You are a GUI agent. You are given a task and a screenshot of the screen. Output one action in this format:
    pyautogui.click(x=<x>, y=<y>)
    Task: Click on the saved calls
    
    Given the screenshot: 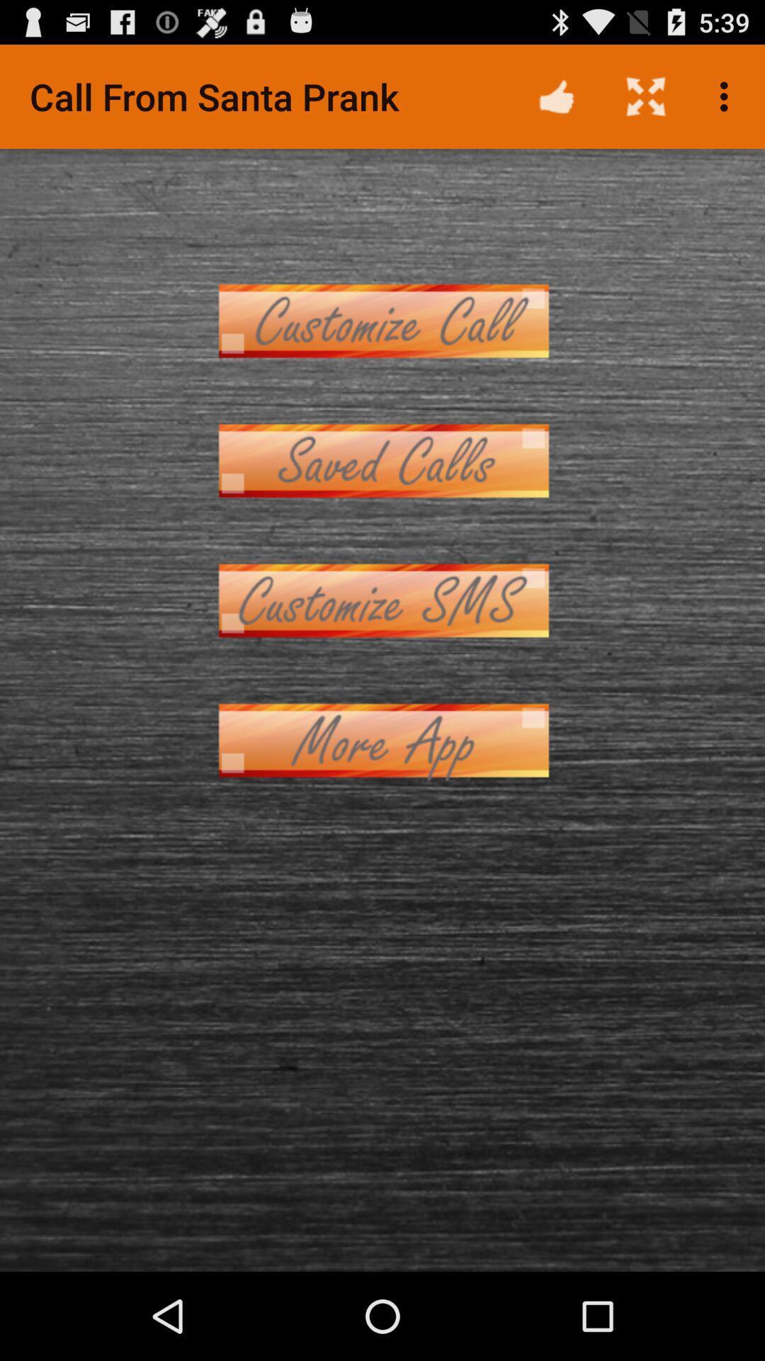 What is the action you would take?
    pyautogui.click(x=382, y=461)
    